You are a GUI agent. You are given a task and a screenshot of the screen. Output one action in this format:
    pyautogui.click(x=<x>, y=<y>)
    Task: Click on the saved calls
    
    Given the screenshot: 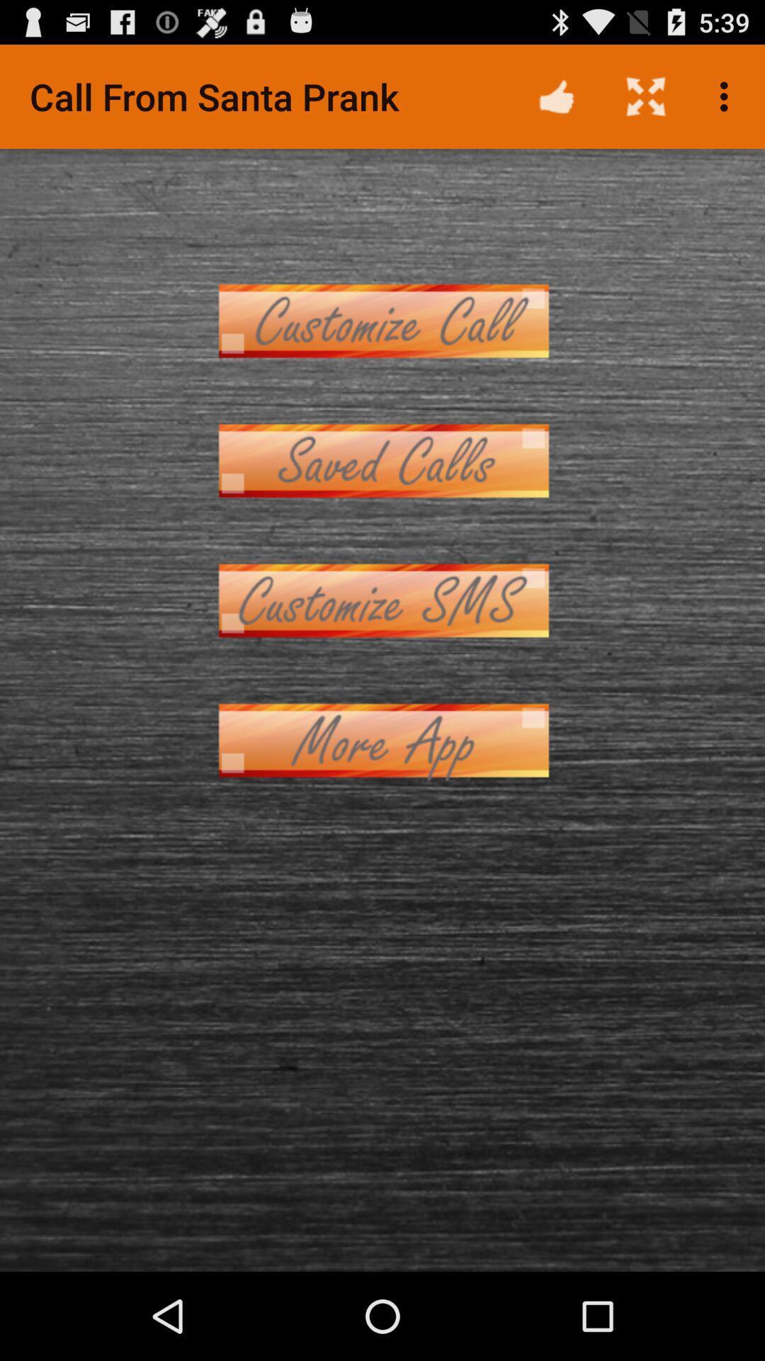 What is the action you would take?
    pyautogui.click(x=382, y=461)
    